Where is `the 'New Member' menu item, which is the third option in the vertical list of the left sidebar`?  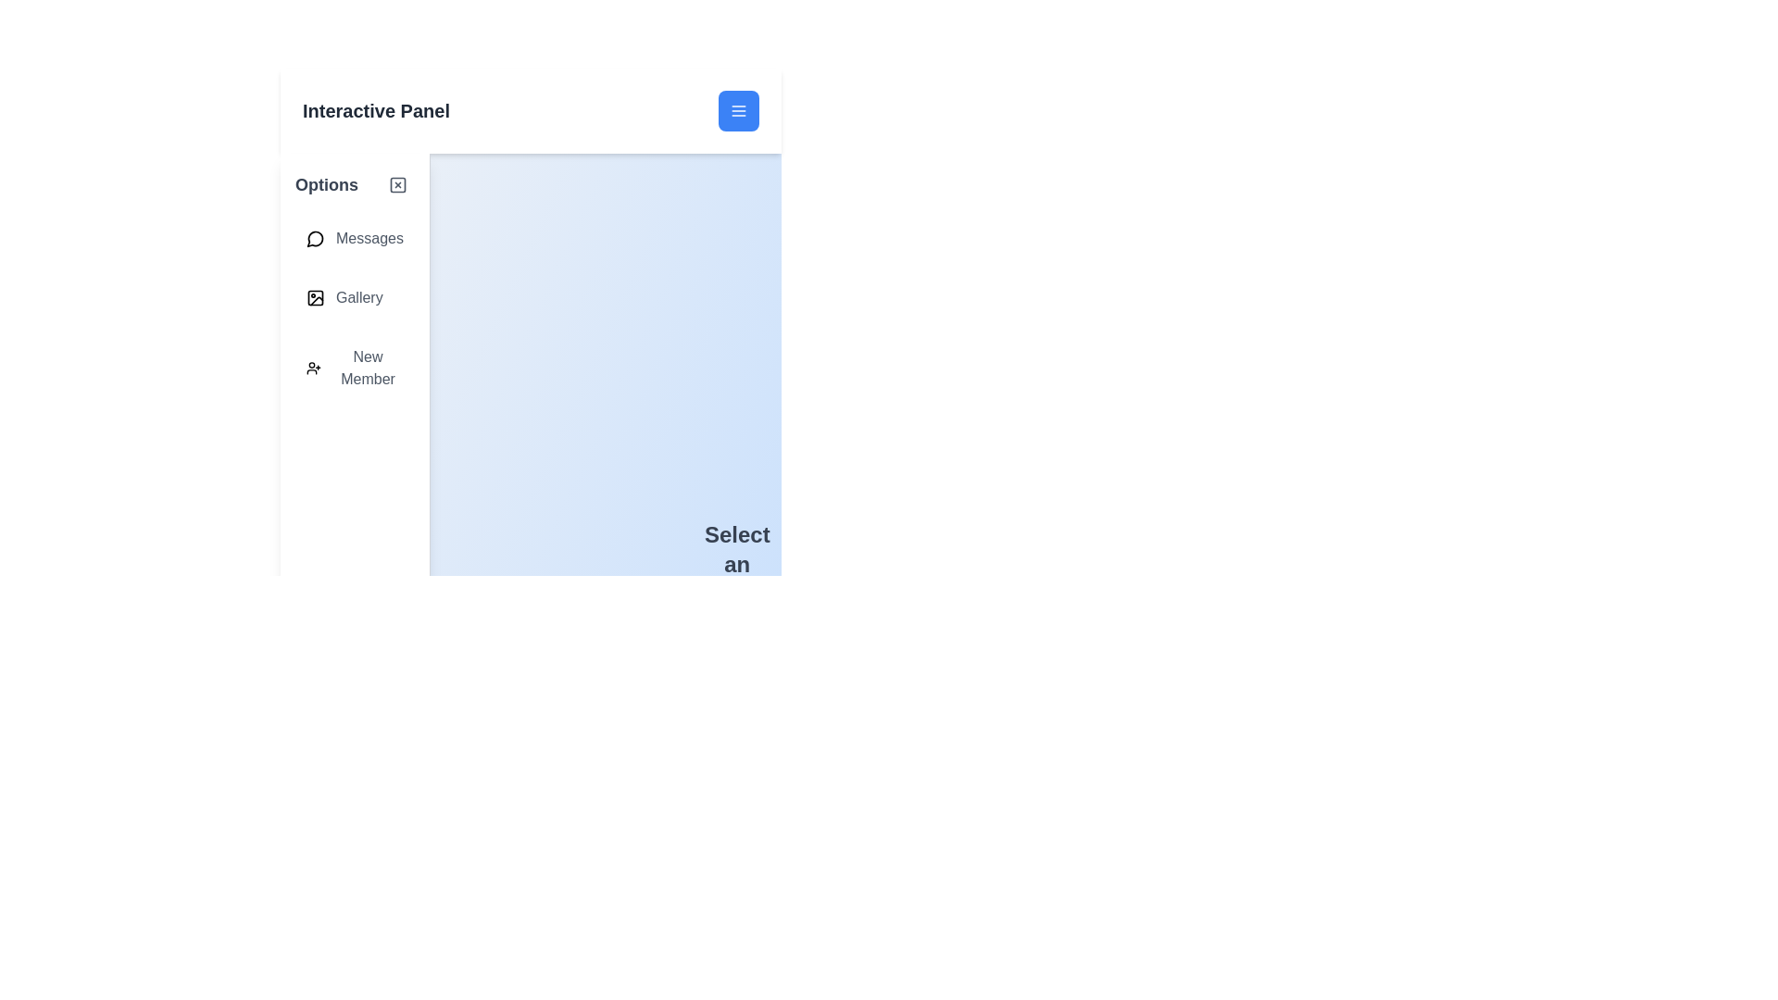
the 'New Member' menu item, which is the third option in the vertical list of the left sidebar is located at coordinates (355, 368).